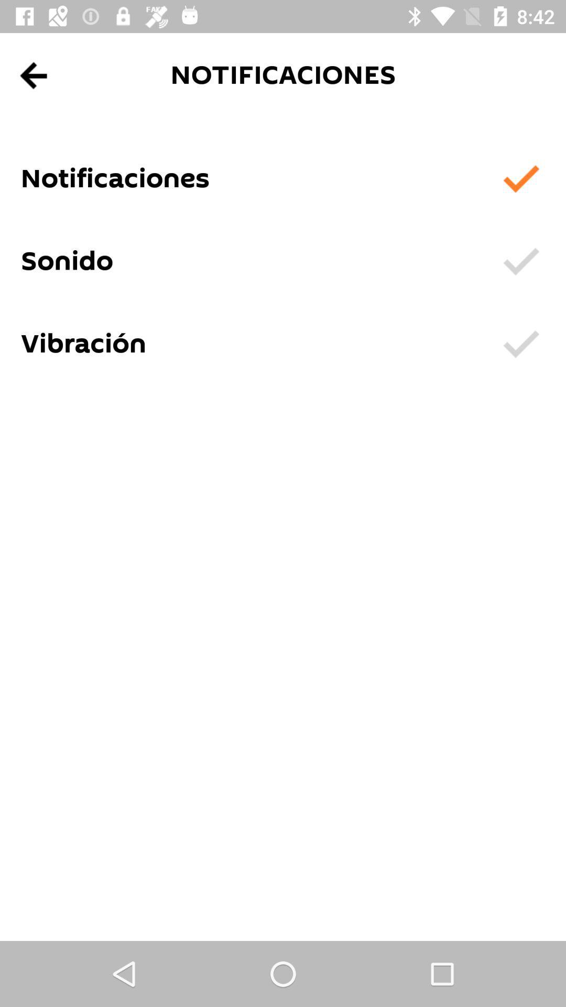 This screenshot has height=1007, width=566. Describe the element at coordinates (34, 75) in the screenshot. I see `the arrow_backward icon` at that location.